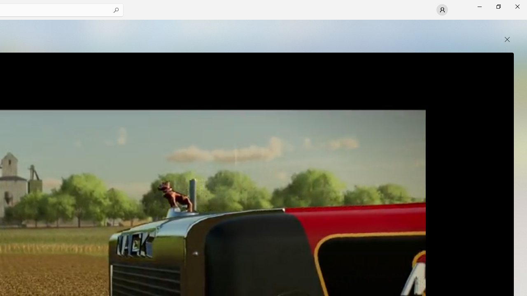 The width and height of the screenshot is (527, 296). What do you see at coordinates (479, 6) in the screenshot?
I see `'Minimize Microsoft Store'` at bounding box center [479, 6].